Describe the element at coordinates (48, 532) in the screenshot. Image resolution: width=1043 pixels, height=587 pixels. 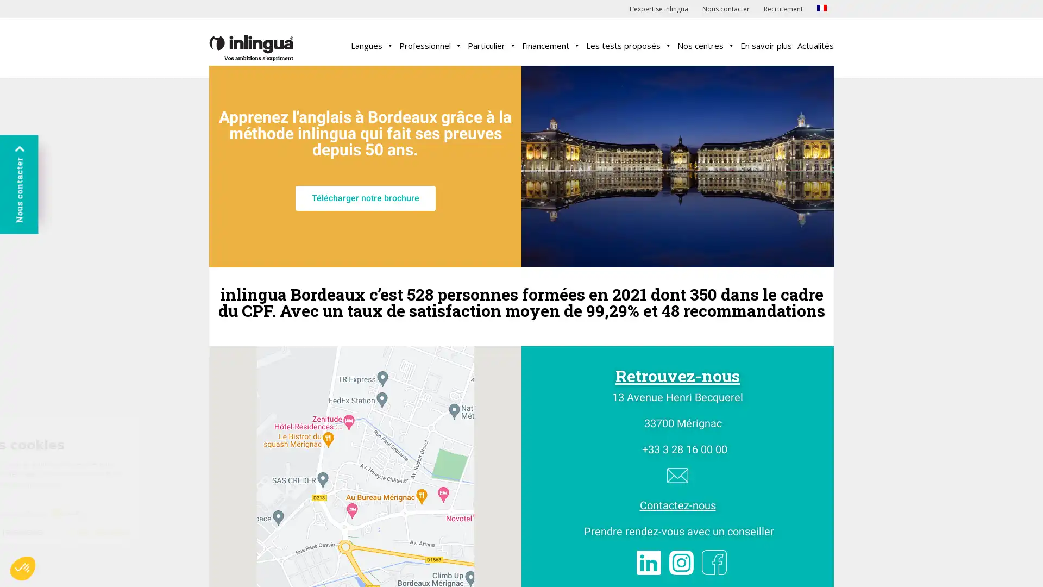
I see `Fermer` at that location.